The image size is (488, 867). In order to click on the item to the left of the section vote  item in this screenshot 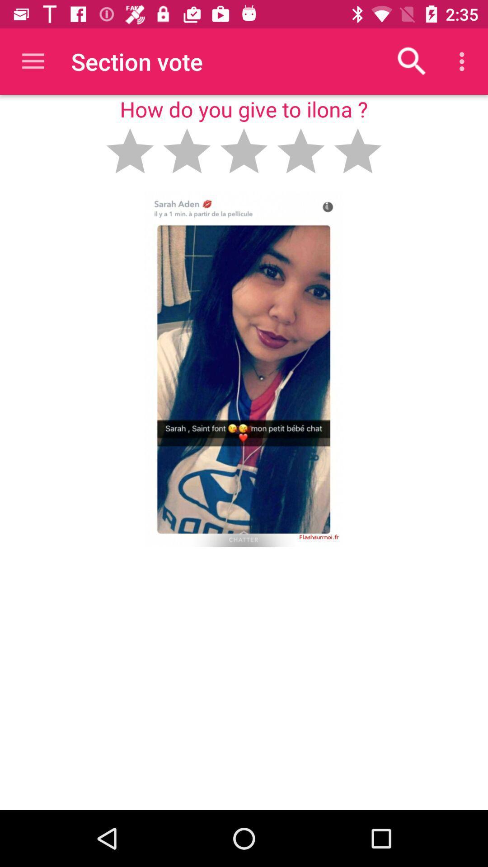, I will do `click(33, 61)`.